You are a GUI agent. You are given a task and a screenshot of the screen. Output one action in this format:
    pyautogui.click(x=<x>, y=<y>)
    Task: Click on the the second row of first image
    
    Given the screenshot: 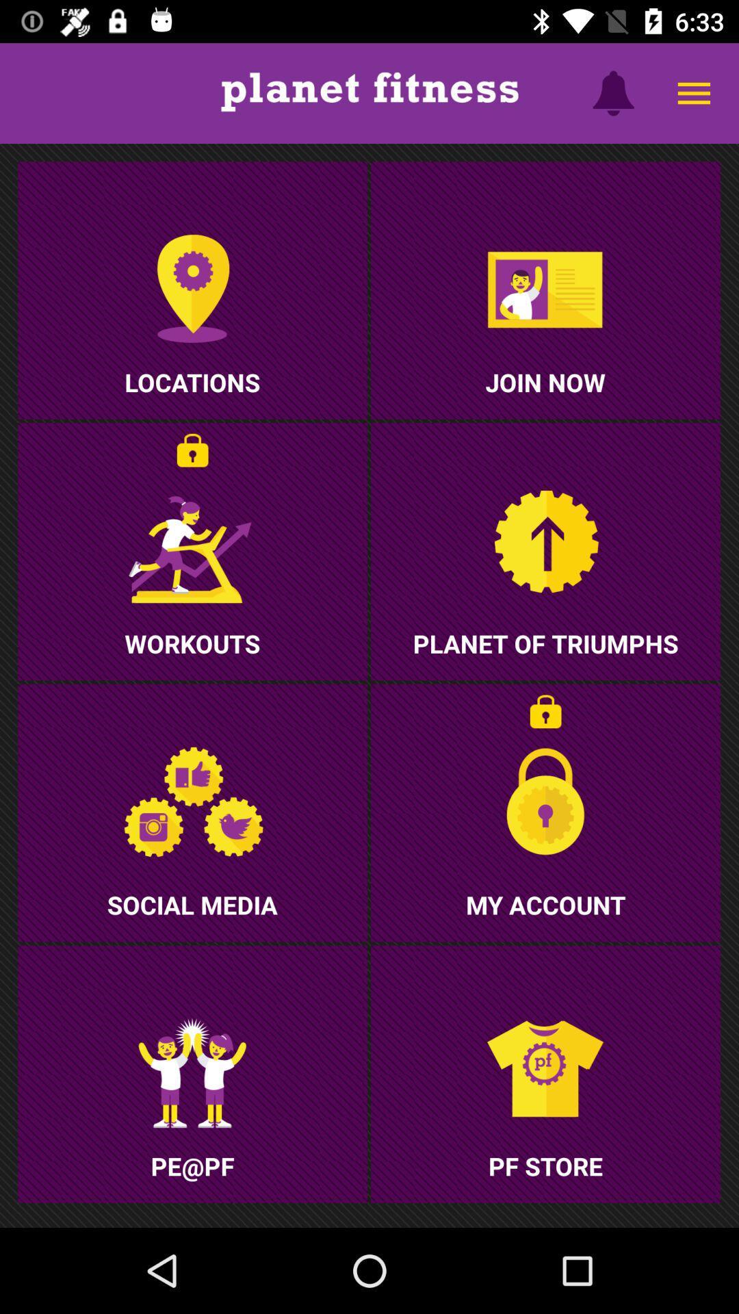 What is the action you would take?
    pyautogui.click(x=192, y=552)
    